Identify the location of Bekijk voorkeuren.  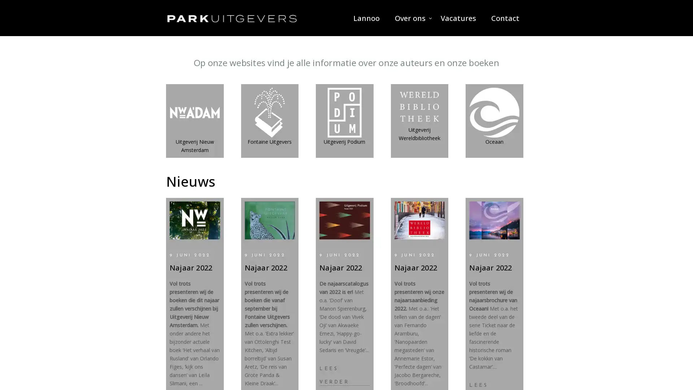
(407, 220).